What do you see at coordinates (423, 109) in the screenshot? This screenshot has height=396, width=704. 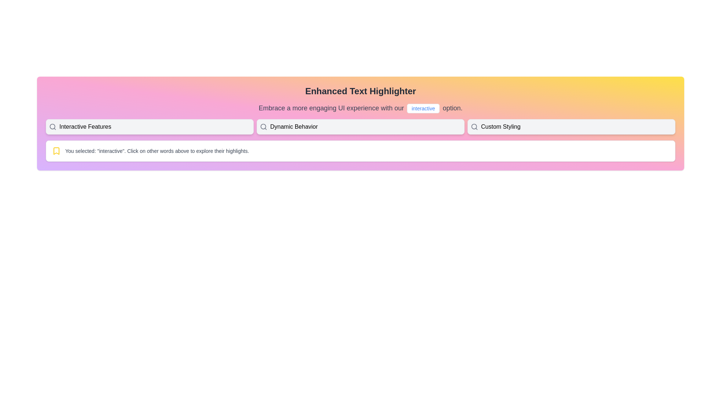 I see `the rectangular button labeled 'interactive' with a blue font and rounded border` at bounding box center [423, 109].